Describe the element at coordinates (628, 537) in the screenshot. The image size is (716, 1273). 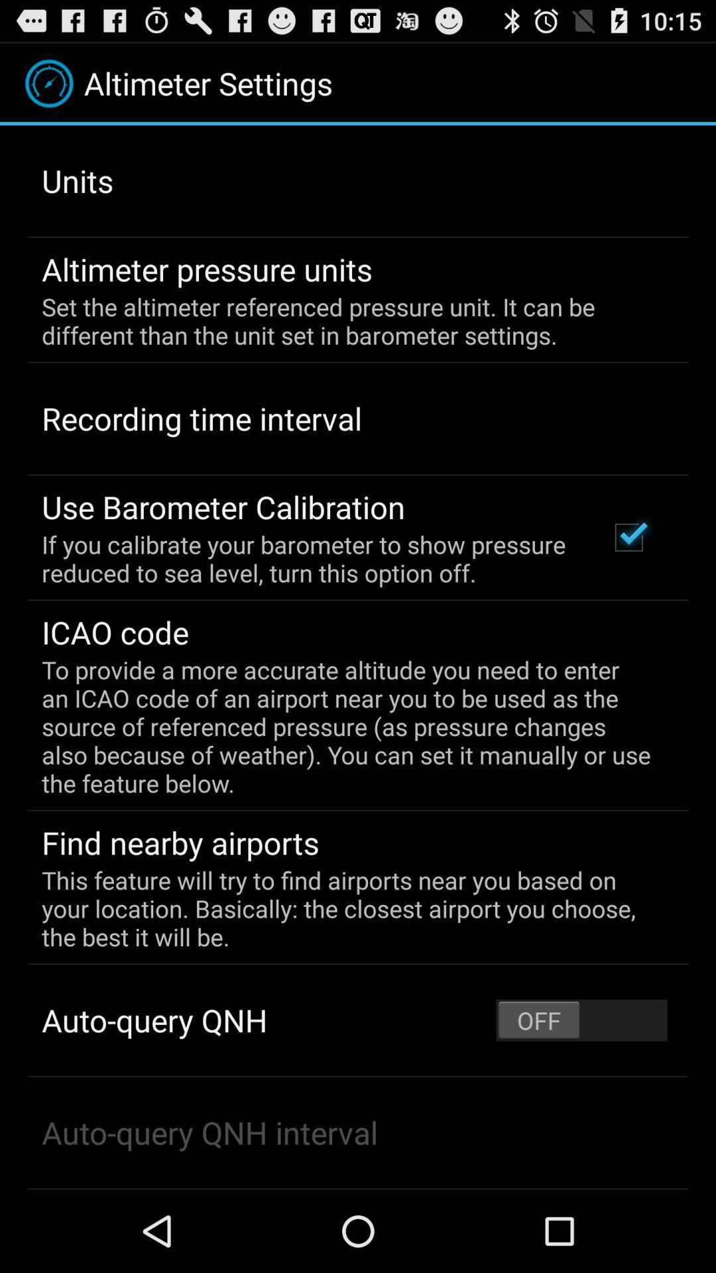
I see `app to the right of the if you calibrate app` at that location.